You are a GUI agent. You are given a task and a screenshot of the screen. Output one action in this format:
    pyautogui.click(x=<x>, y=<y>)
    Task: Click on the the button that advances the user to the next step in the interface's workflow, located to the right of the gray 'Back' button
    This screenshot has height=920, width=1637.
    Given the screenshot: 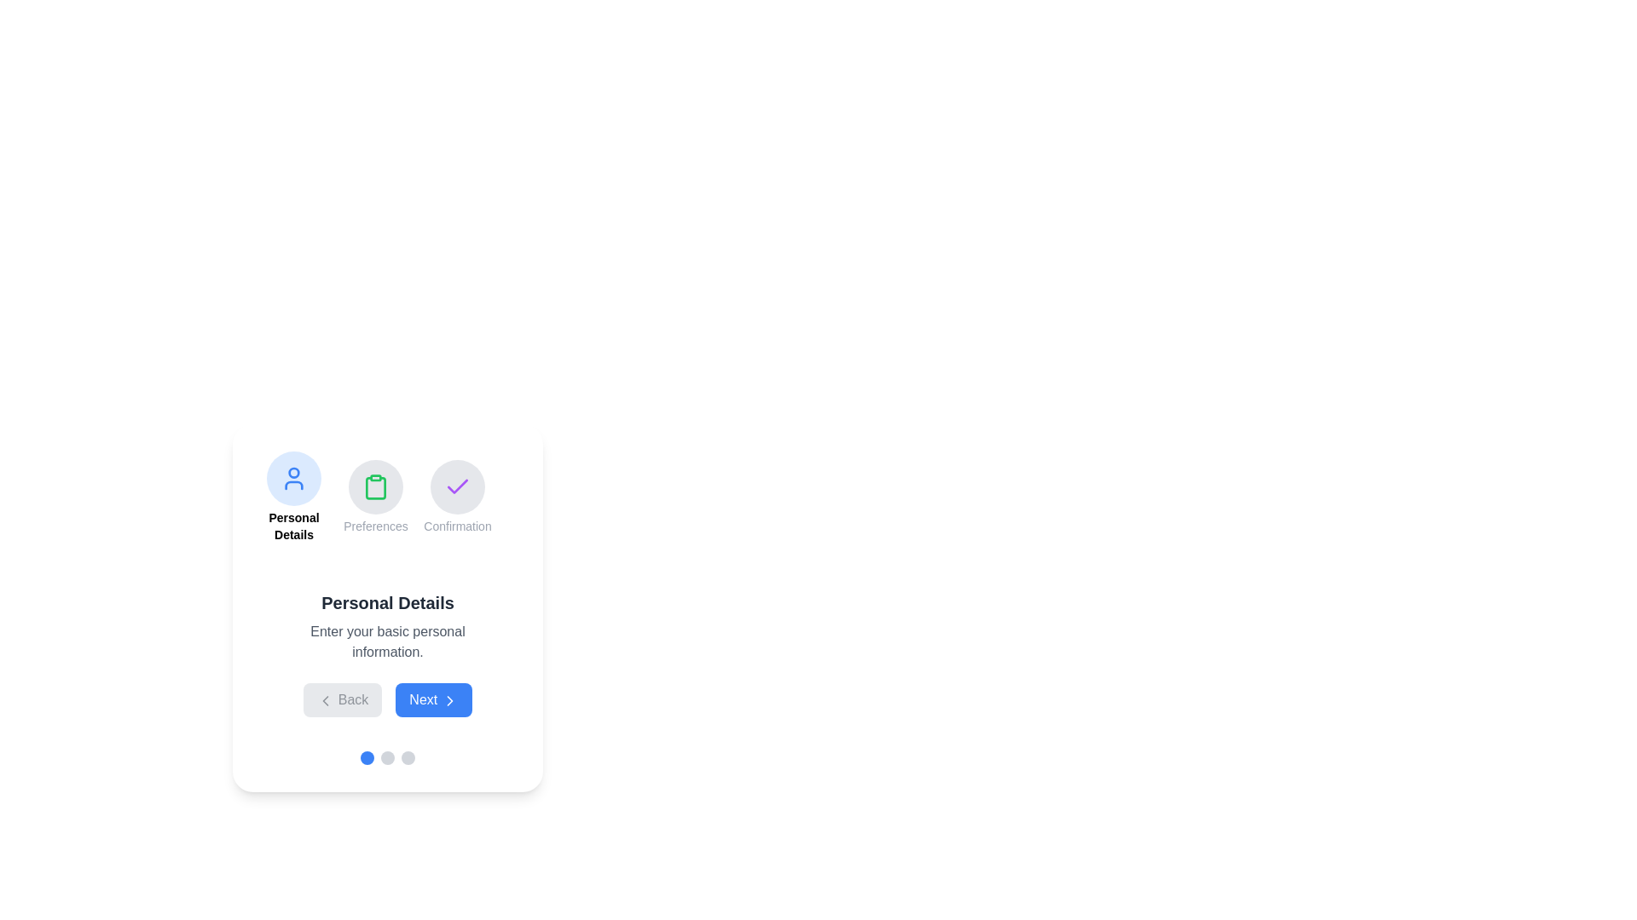 What is the action you would take?
    pyautogui.click(x=433, y=699)
    